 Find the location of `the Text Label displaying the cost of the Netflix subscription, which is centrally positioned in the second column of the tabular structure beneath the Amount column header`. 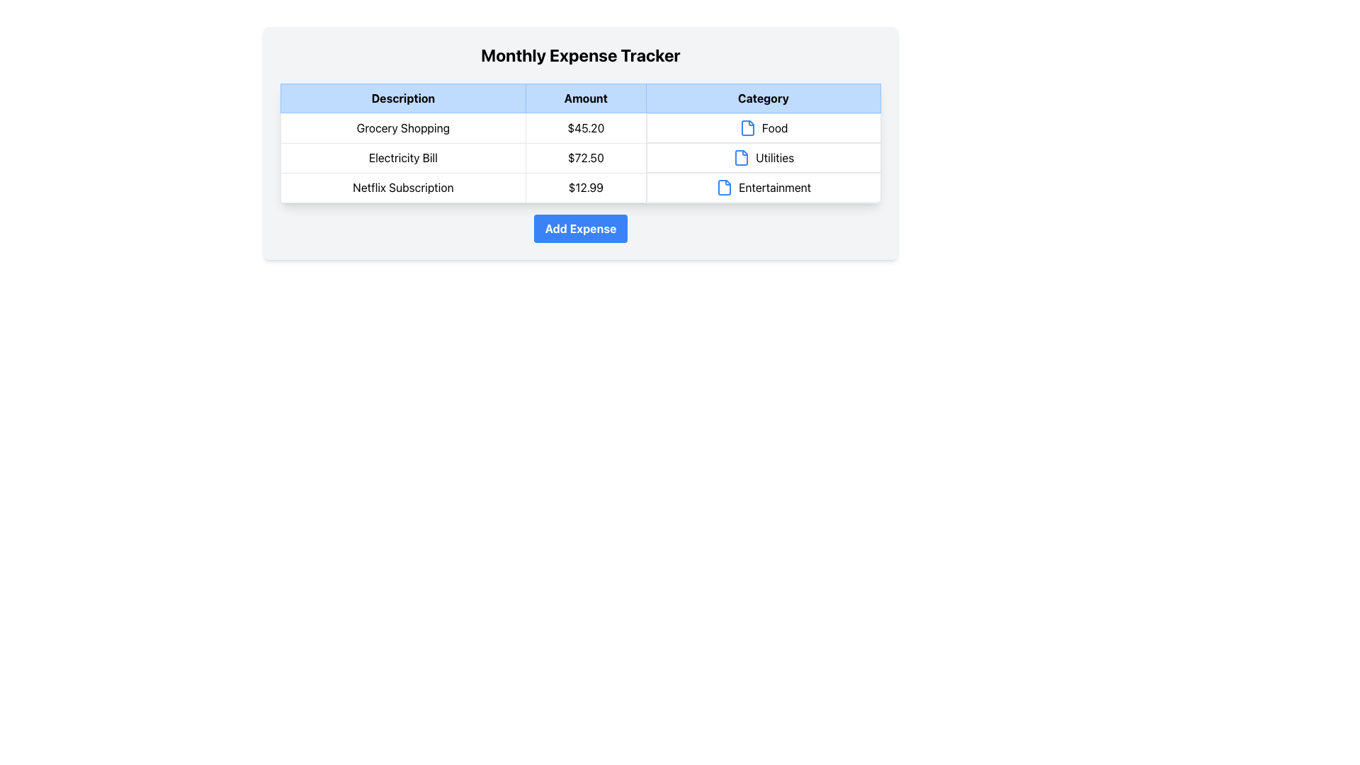

the Text Label displaying the cost of the Netflix subscription, which is centrally positioned in the second column of the tabular structure beneath the Amount column header is located at coordinates (586, 187).